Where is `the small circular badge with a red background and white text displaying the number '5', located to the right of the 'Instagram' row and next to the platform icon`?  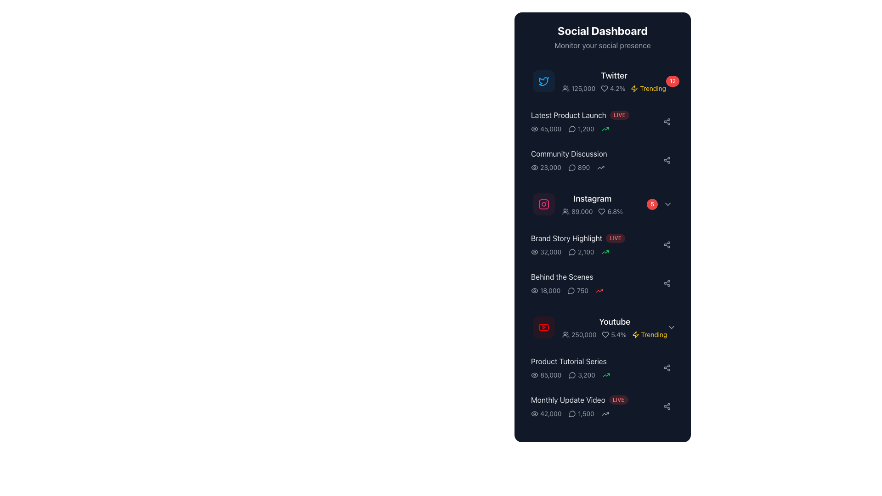 the small circular badge with a red background and white text displaying the number '5', located to the right of the 'Instagram' row and next to the platform icon is located at coordinates (652, 203).